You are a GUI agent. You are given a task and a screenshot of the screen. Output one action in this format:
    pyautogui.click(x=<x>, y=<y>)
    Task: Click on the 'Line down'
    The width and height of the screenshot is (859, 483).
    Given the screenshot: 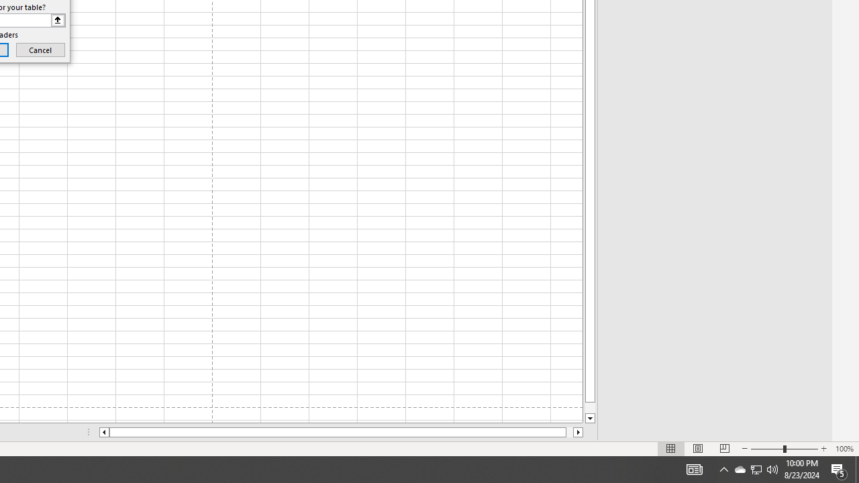 What is the action you would take?
    pyautogui.click(x=590, y=418)
    